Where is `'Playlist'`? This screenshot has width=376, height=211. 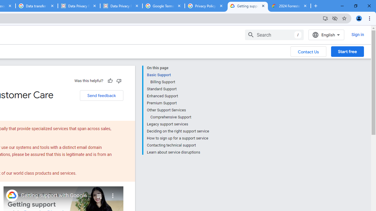
'Playlist' is located at coordinates (99, 193).